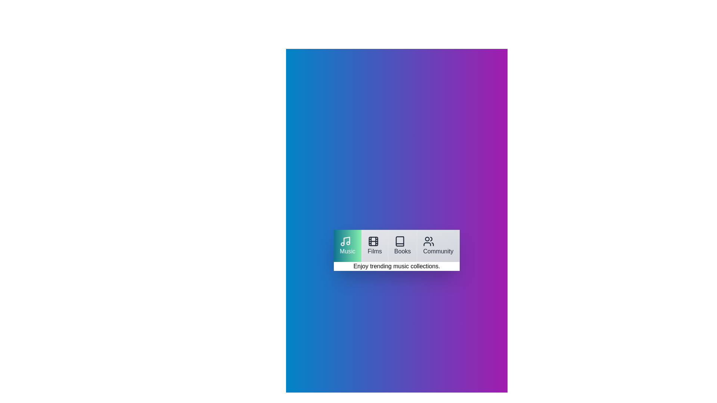 Image resolution: width=717 pixels, height=403 pixels. I want to click on the 'Community' icon located on the rightmost part of the horizontal menu bar, which is the first icon above the label 'Community', so click(429, 241).